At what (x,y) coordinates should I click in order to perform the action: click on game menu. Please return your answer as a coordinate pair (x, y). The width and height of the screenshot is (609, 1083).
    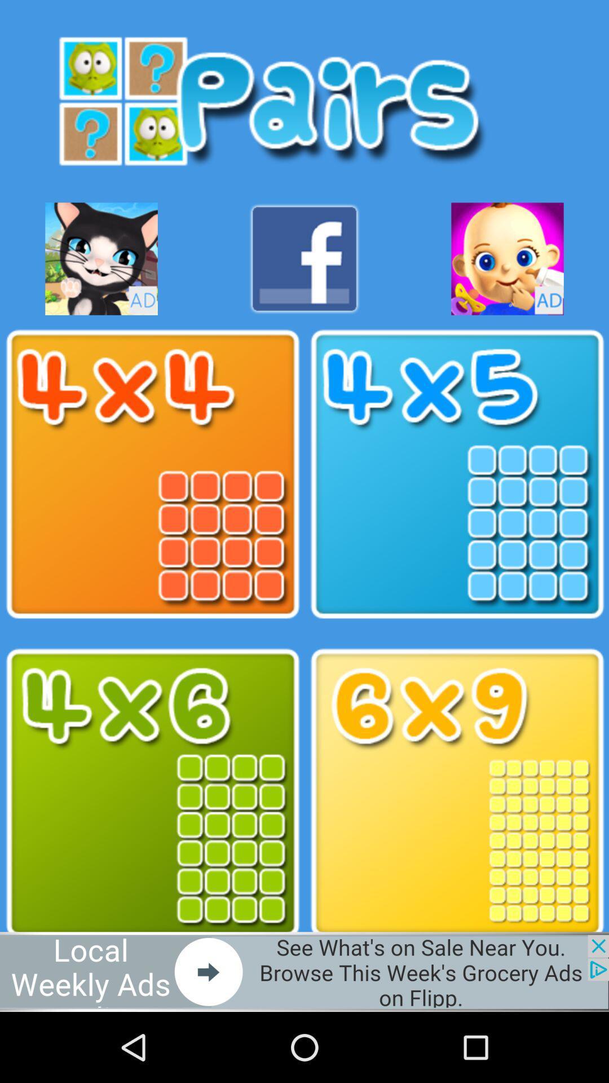
    Looking at the image, I should click on (152, 793).